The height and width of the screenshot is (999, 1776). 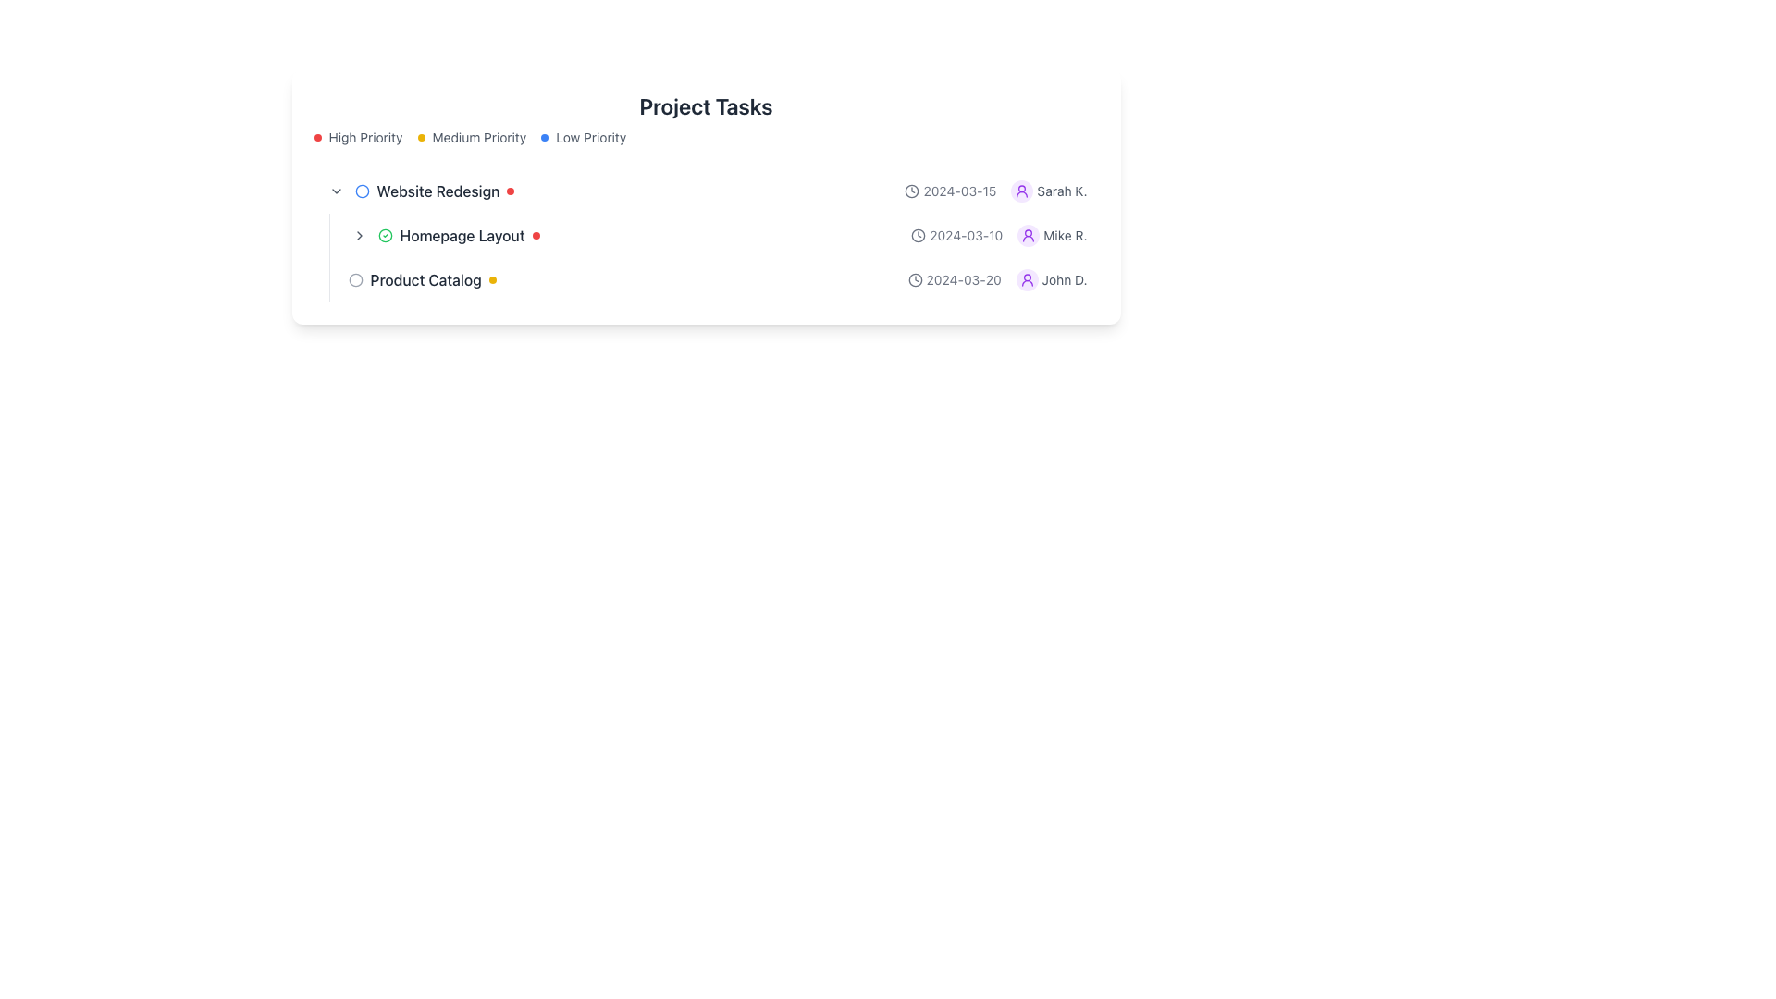 I want to click on the 'Low Priority' text label, which is styled with a small font size and gray color, located in the priority labeling system of the task management interface, so click(x=590, y=137).